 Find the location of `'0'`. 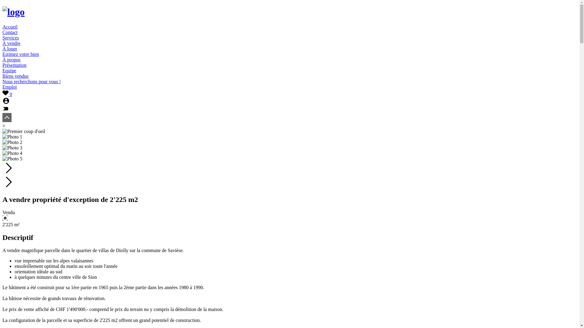

'0' is located at coordinates (7, 94).